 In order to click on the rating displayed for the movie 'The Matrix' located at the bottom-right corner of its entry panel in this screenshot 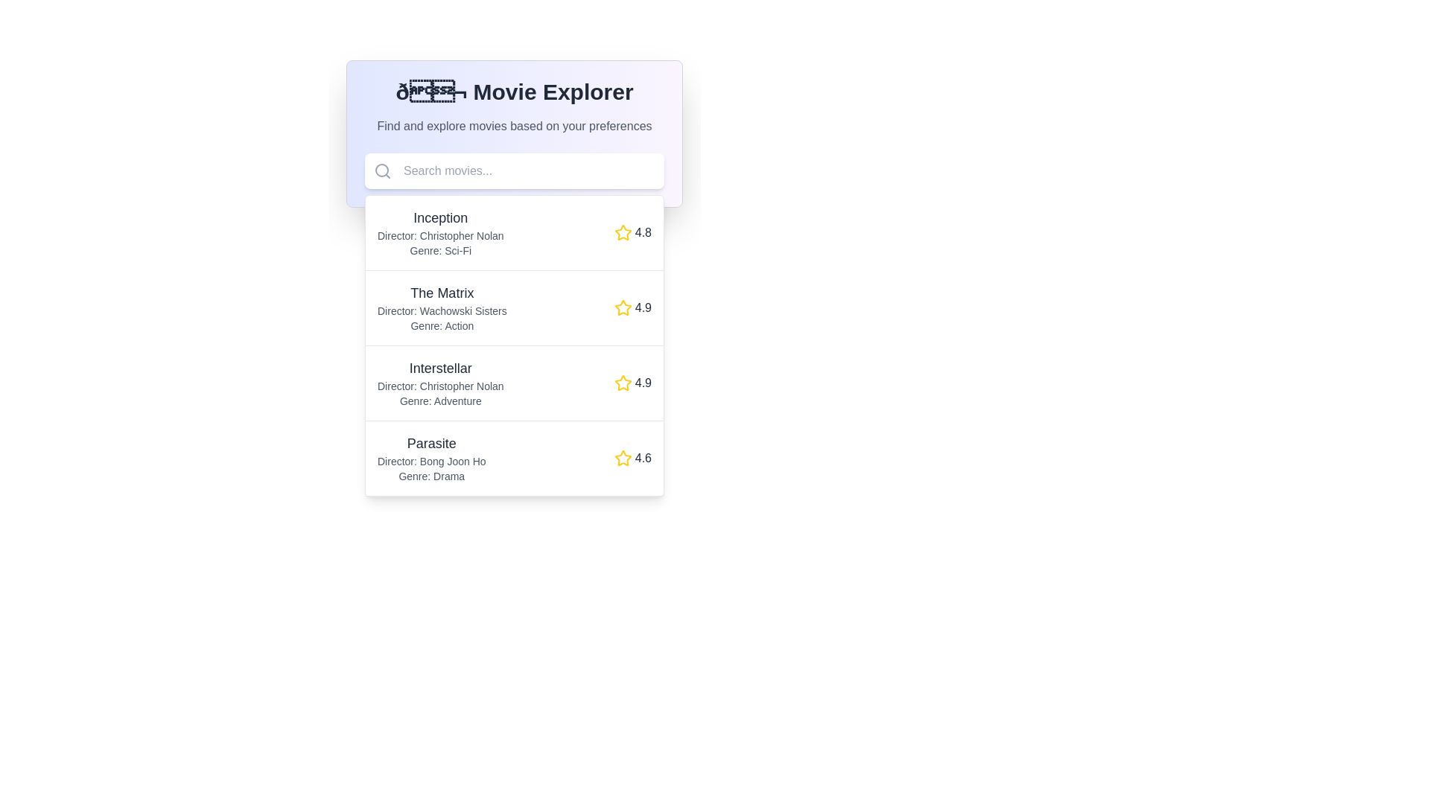, I will do `click(632, 307)`.